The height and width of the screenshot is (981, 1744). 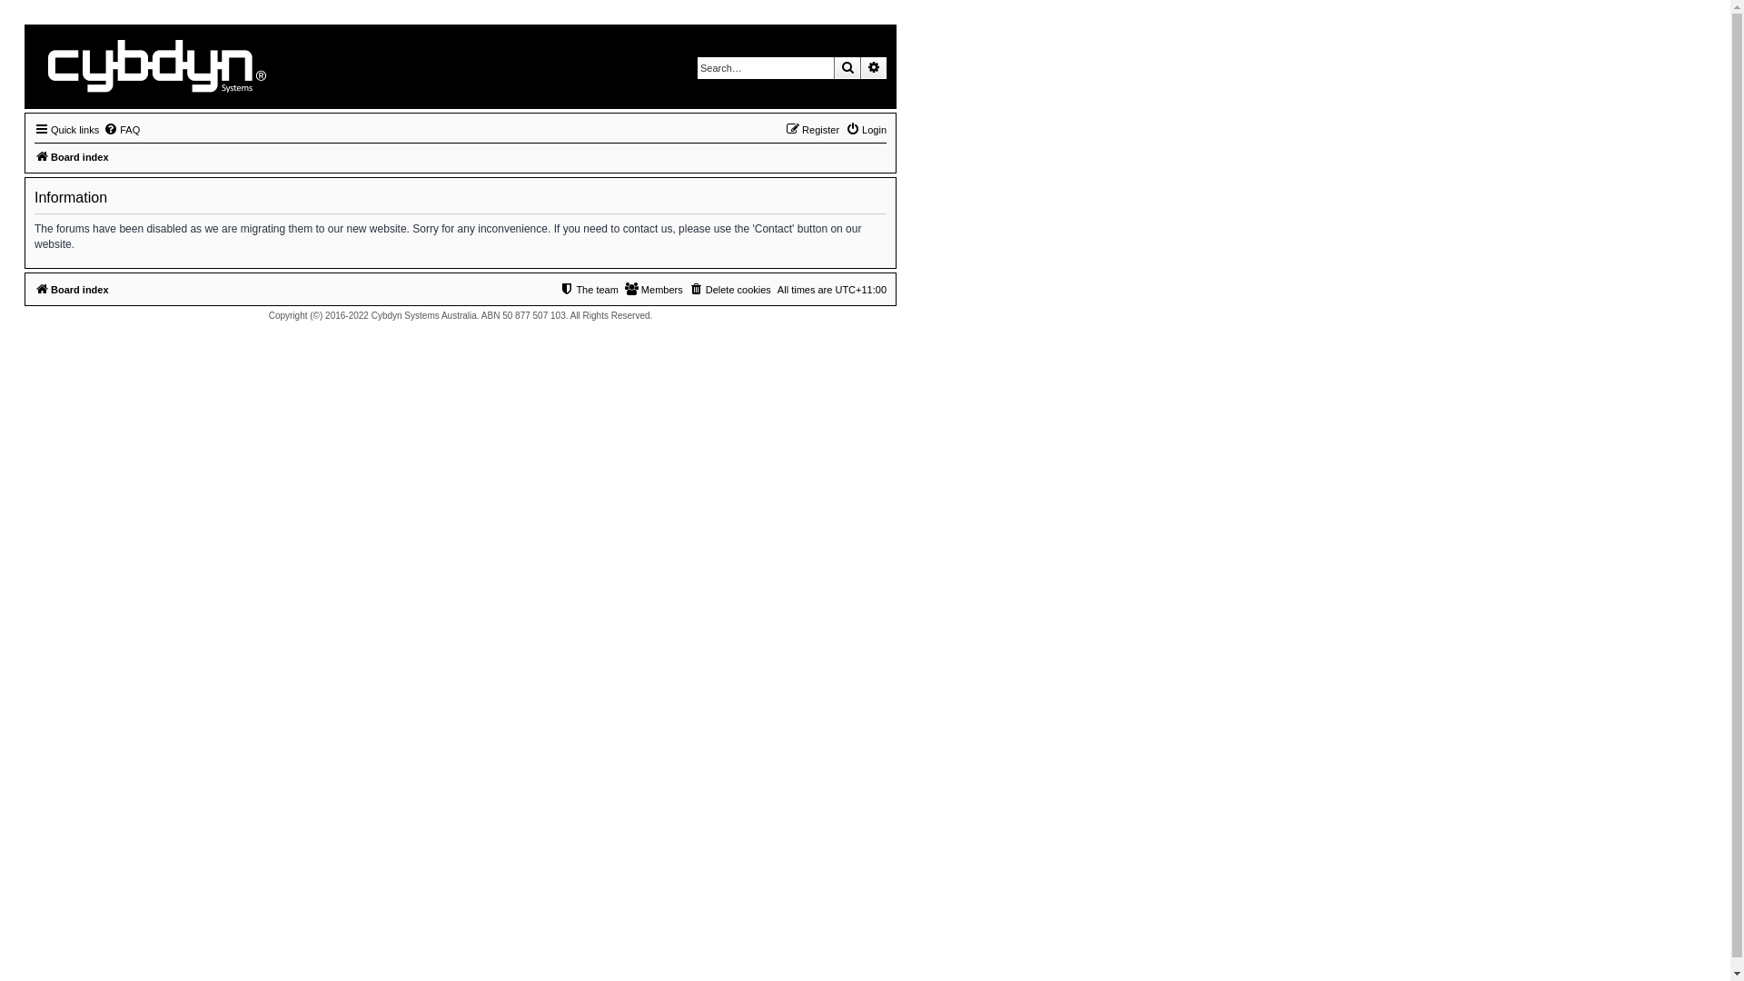 I want to click on 'Delete cookies', so click(x=730, y=289).